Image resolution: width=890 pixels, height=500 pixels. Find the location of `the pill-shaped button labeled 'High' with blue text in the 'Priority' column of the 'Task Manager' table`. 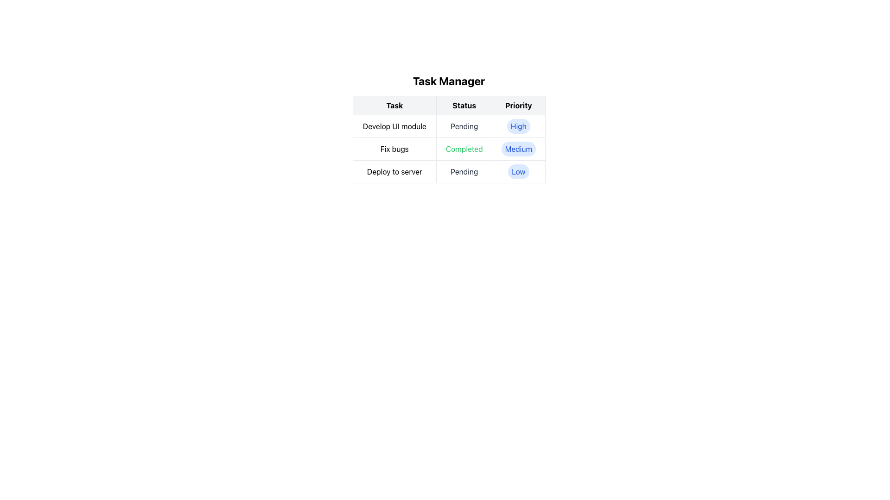

the pill-shaped button labeled 'High' with blue text in the 'Priority' column of the 'Task Manager' table is located at coordinates (518, 126).